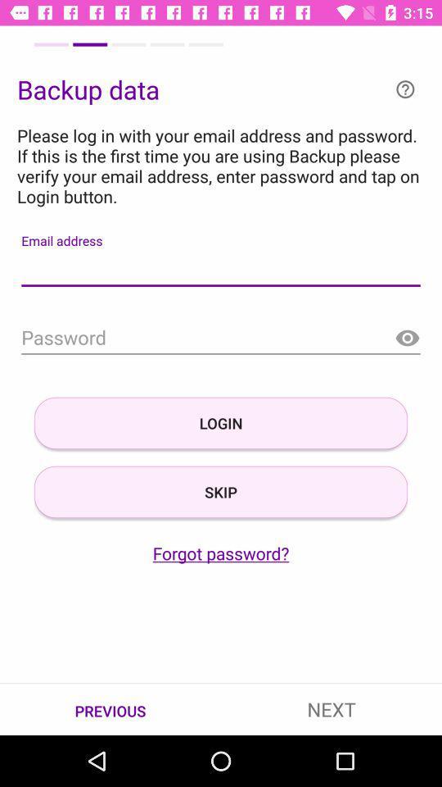 The height and width of the screenshot is (787, 442). Describe the element at coordinates (404, 89) in the screenshot. I see `help or info` at that location.